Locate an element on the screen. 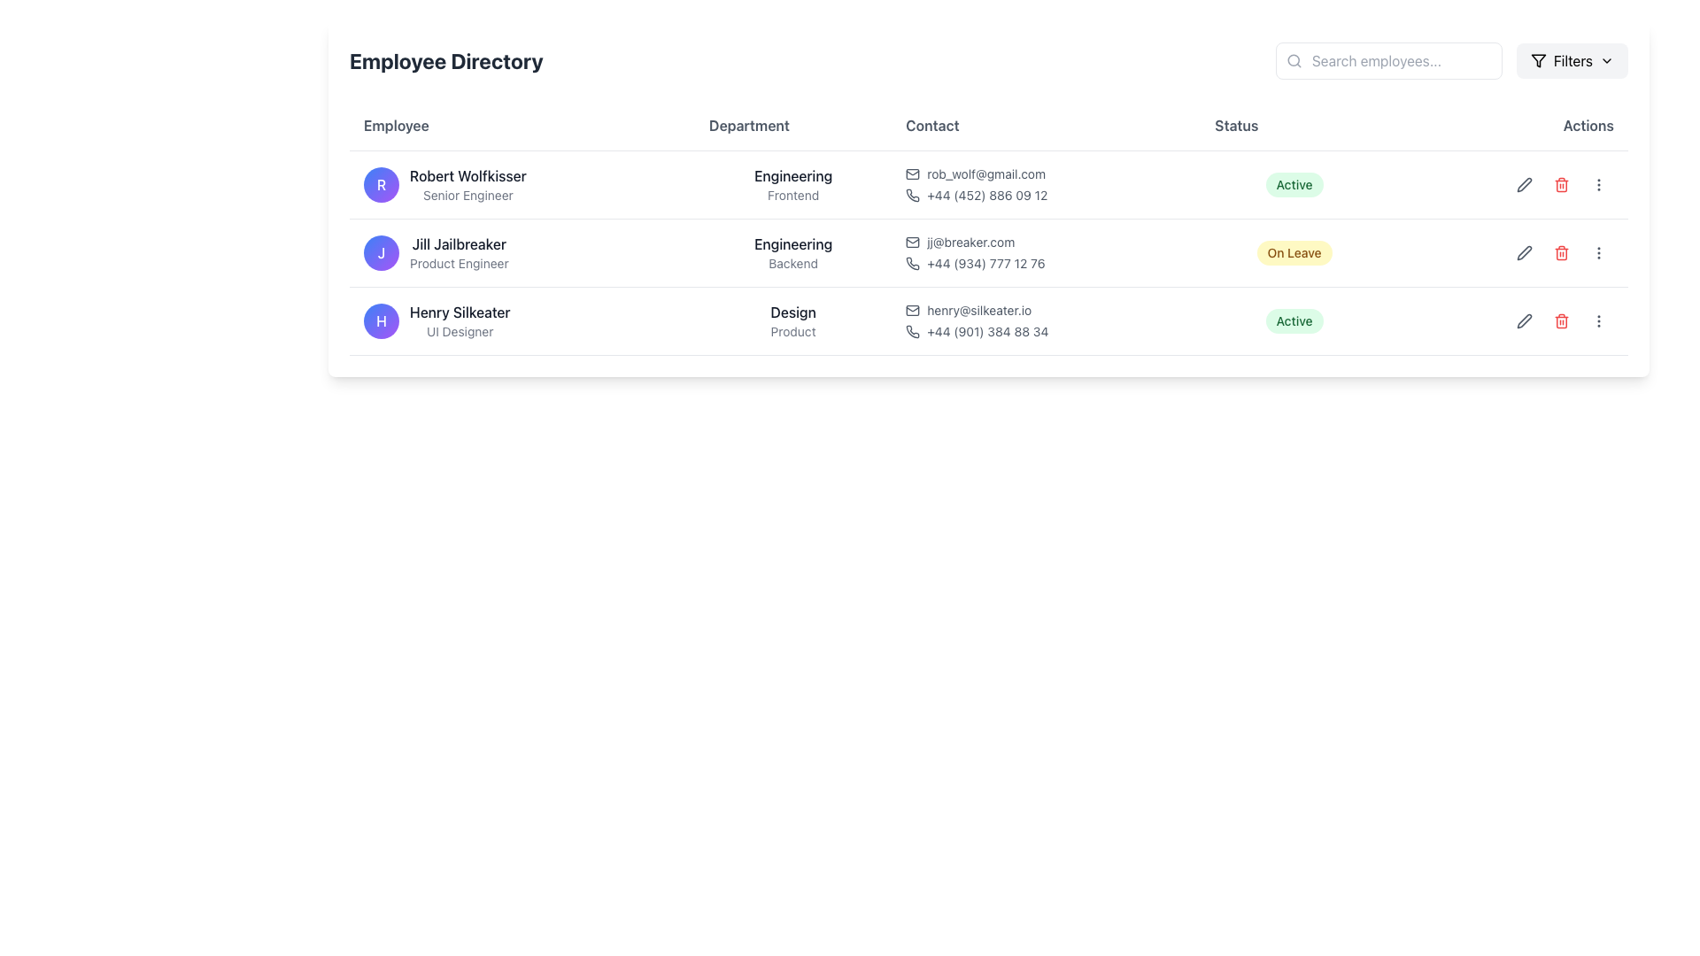 The width and height of the screenshot is (1700, 956). the delete icon button located in the Actions column of the third row of the Employee Directory table to initiate a delete action is located at coordinates (1561, 184).